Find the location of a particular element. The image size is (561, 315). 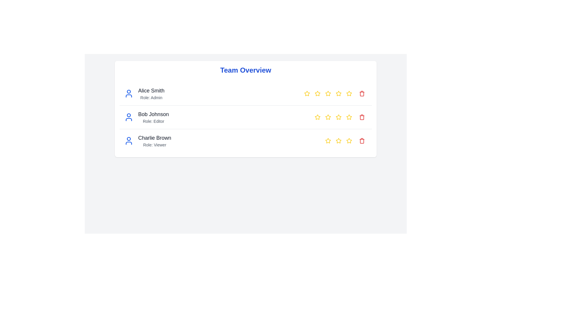

the Text label indicating the role associated with the person 'Bob Johnson', located below his name in the second row of the list is located at coordinates (153, 121).